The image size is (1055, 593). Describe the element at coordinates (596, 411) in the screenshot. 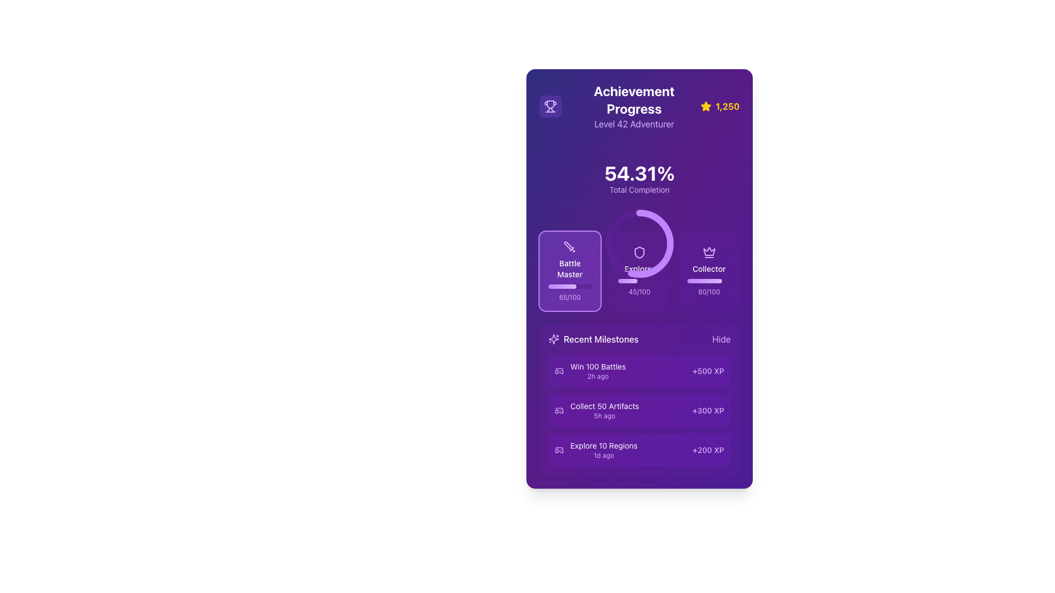

I see `the informational content block that displays 'Collect 50 Artifacts' with a time indicator '5h ago', styled in purple next to a gamepad icon, located under the 'Recent Milestones' section of the dashboard` at that location.